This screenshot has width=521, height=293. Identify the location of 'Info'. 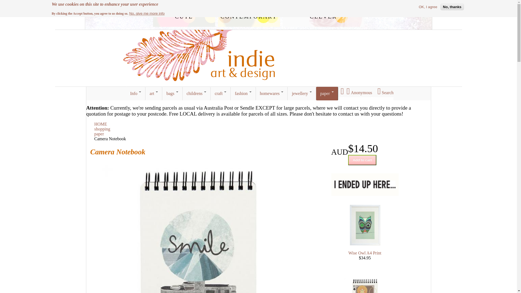
(126, 93).